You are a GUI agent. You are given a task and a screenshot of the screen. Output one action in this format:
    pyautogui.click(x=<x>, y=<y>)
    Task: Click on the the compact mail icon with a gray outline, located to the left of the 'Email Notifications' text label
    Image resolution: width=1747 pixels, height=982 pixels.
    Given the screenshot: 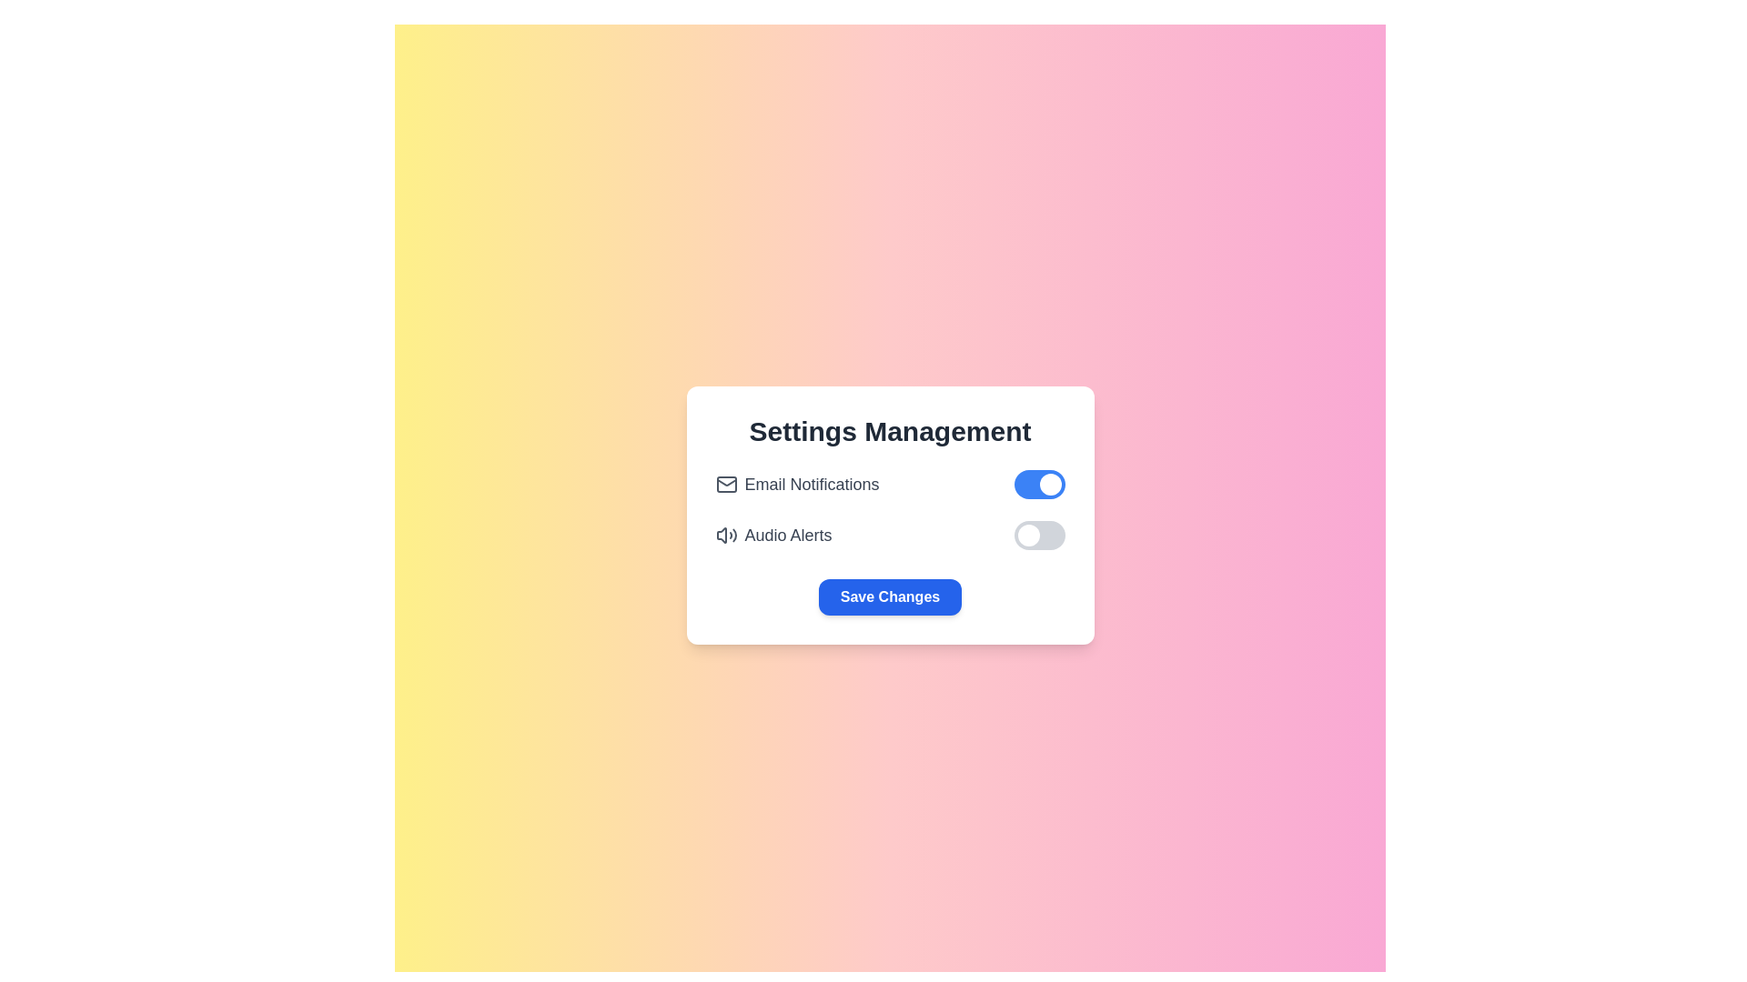 What is the action you would take?
    pyautogui.click(x=725, y=483)
    